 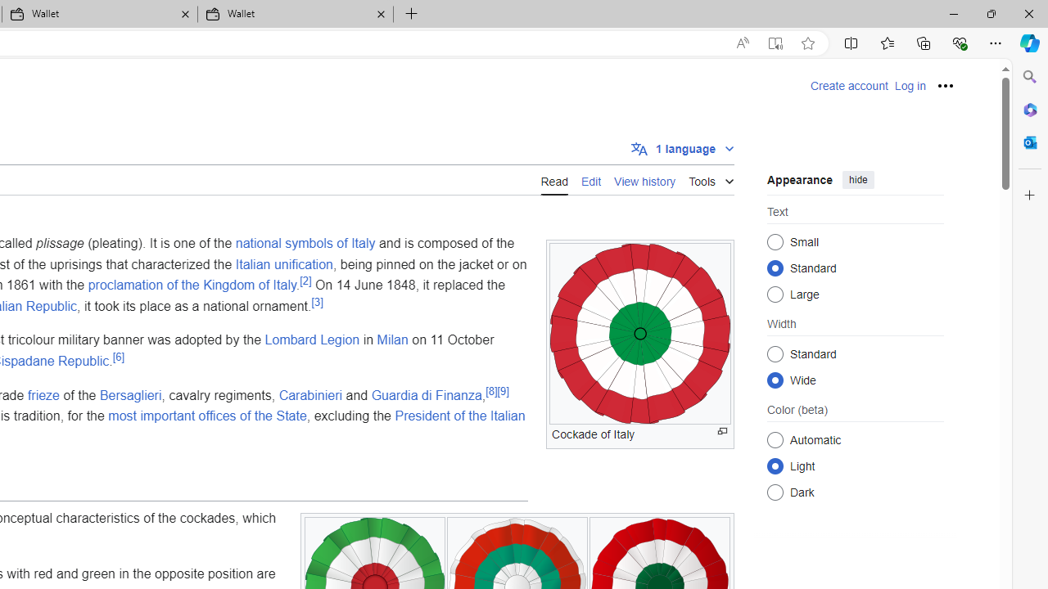 What do you see at coordinates (310, 394) in the screenshot?
I see `'Carabinieri'` at bounding box center [310, 394].